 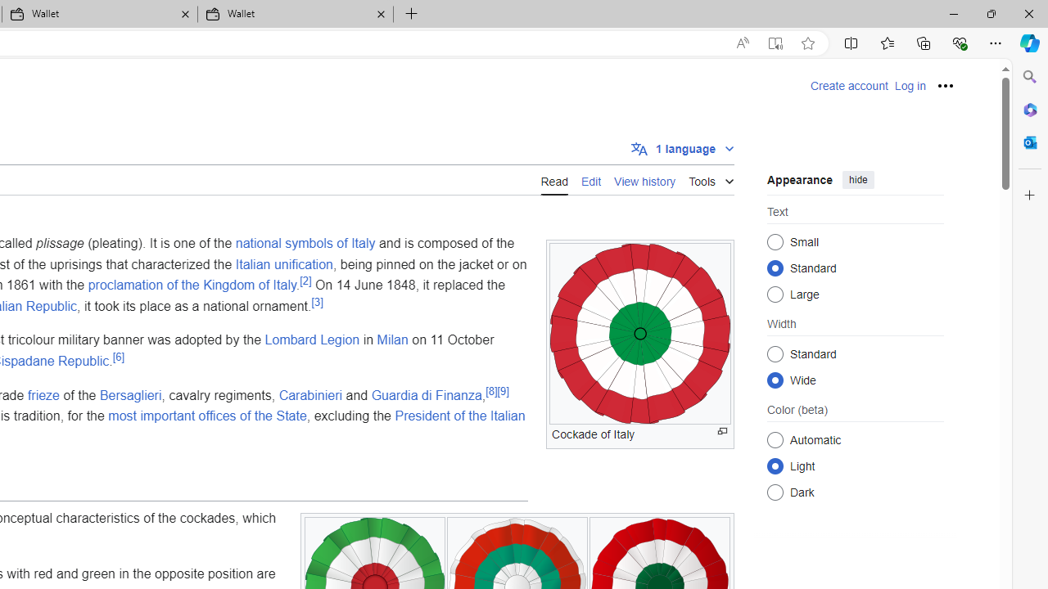 What do you see at coordinates (310, 394) in the screenshot?
I see `'Carabinieri'` at bounding box center [310, 394].